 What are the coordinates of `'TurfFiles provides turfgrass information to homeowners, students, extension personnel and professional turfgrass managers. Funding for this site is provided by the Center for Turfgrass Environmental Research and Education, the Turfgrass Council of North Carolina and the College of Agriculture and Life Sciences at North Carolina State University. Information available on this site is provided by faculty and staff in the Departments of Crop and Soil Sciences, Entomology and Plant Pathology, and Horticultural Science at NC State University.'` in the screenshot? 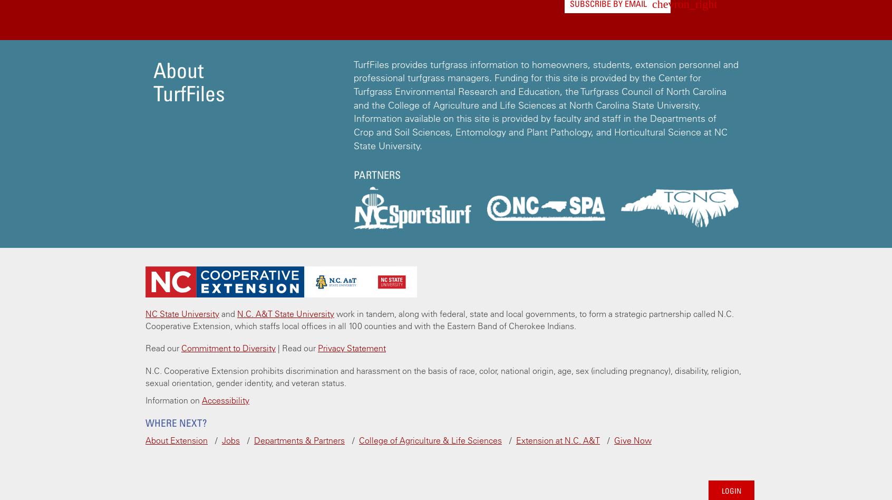 It's located at (546, 104).